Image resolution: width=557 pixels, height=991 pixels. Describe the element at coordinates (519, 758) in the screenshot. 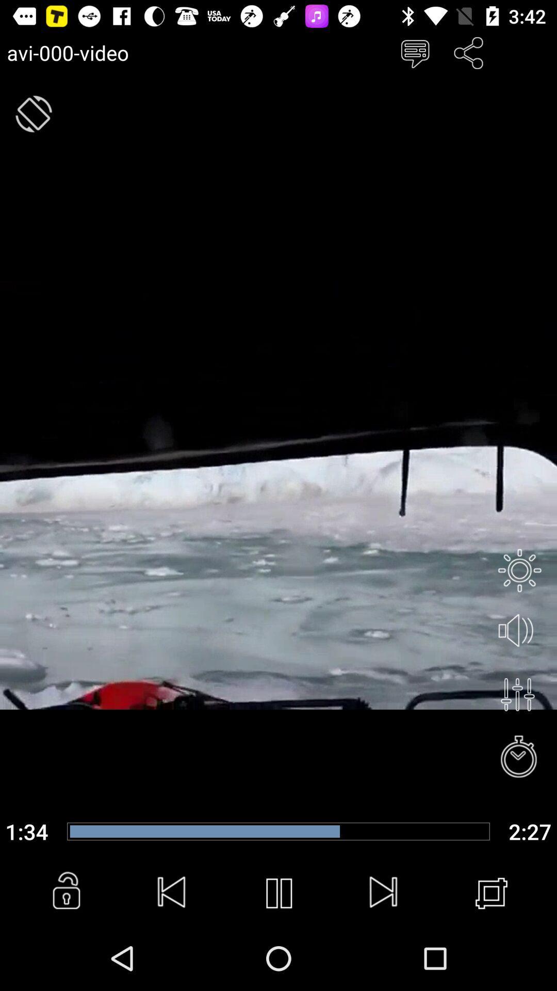

I see `alaram button` at that location.